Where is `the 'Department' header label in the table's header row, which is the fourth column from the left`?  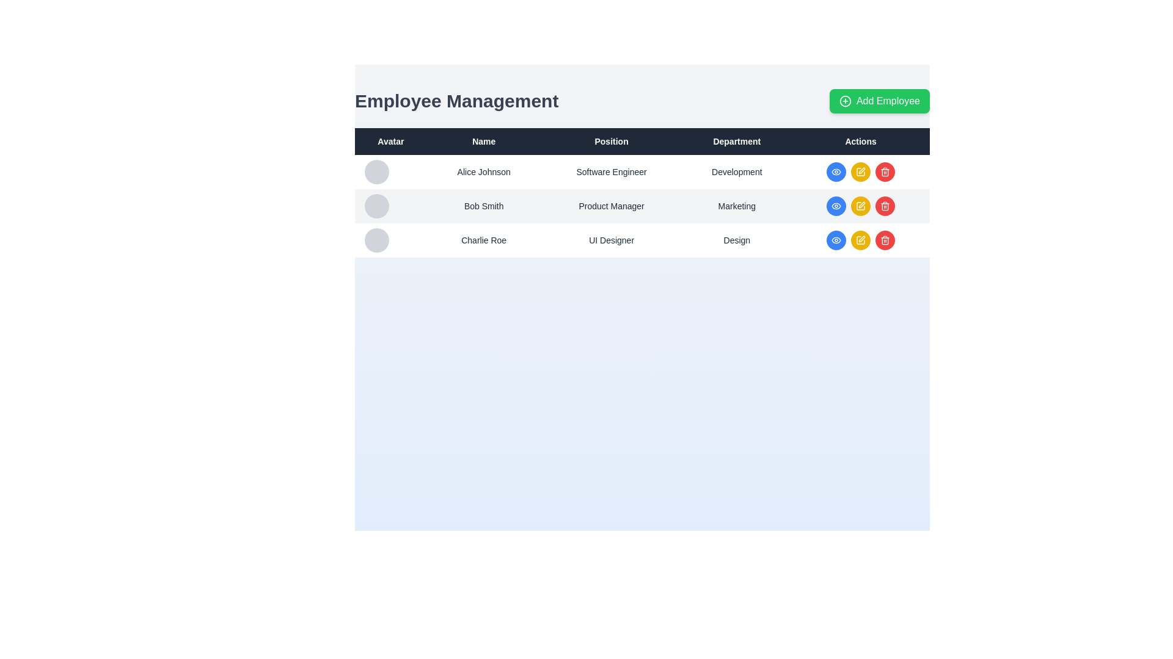 the 'Department' header label in the table's header row, which is the fourth column from the left is located at coordinates (736, 140).